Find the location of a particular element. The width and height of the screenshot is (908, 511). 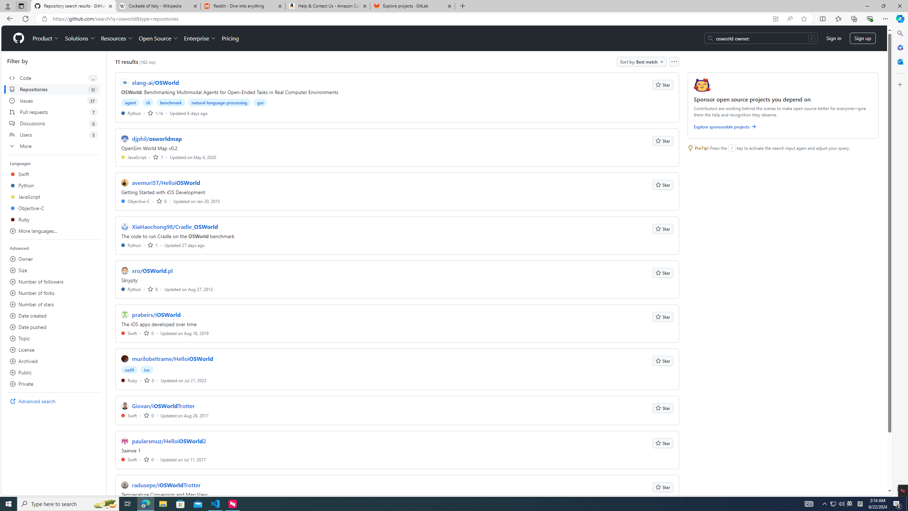

'Solutions' is located at coordinates (79, 38).